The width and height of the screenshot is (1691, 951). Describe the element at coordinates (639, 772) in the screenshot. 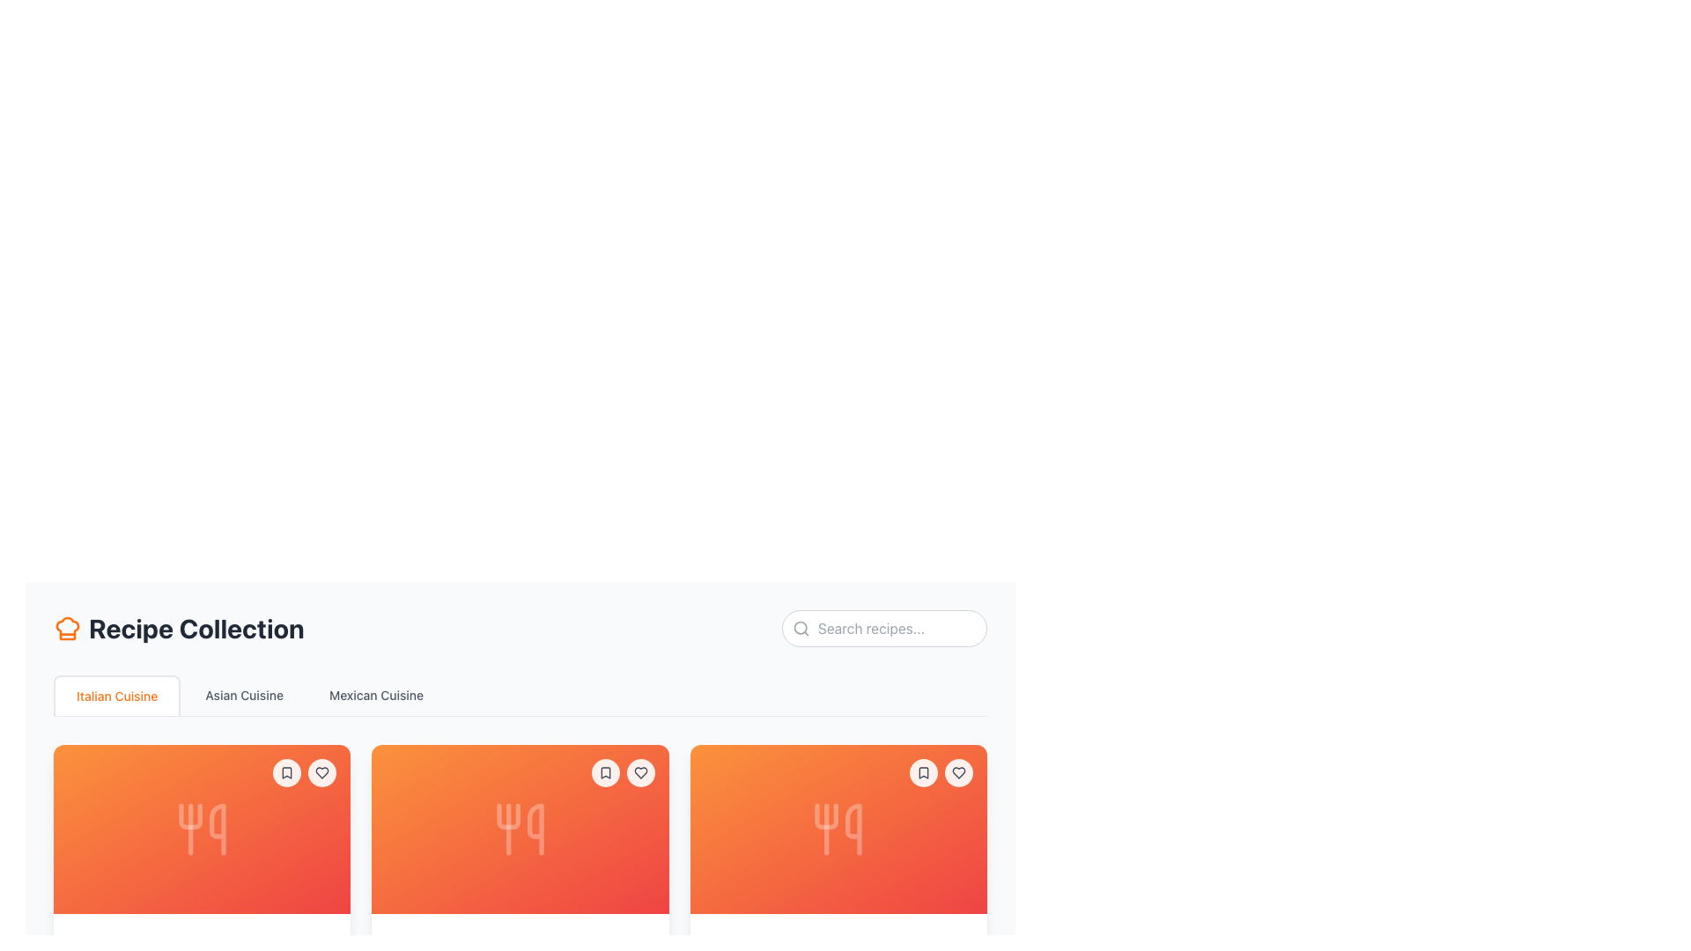

I see `the heart icon button located as the second button from the right in the top-right corner of the orange rectangular card to favorite the item` at that location.